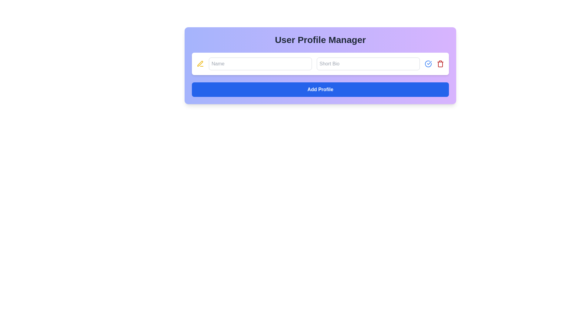 Image resolution: width=582 pixels, height=327 pixels. What do you see at coordinates (200, 64) in the screenshot?
I see `the icon located to the far left within the input card, adjacent to the 'Name' text field` at bounding box center [200, 64].